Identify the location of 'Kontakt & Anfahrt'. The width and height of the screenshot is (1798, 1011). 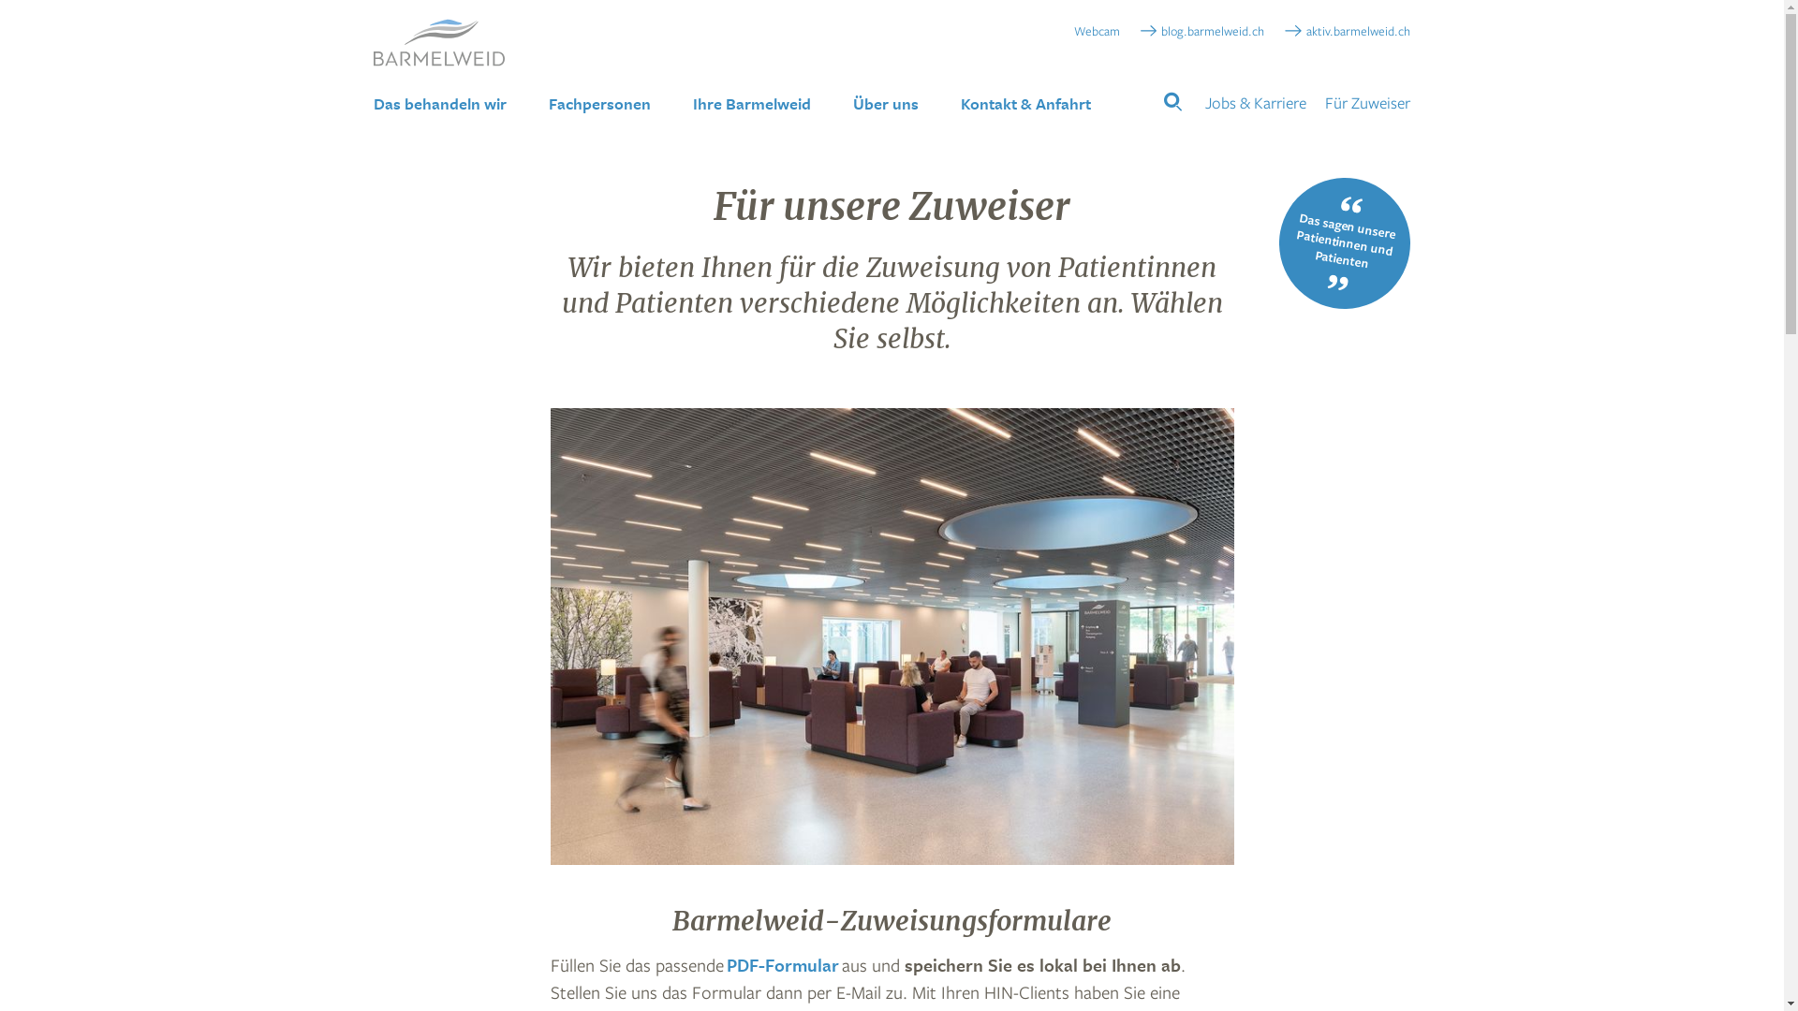
(1024, 104).